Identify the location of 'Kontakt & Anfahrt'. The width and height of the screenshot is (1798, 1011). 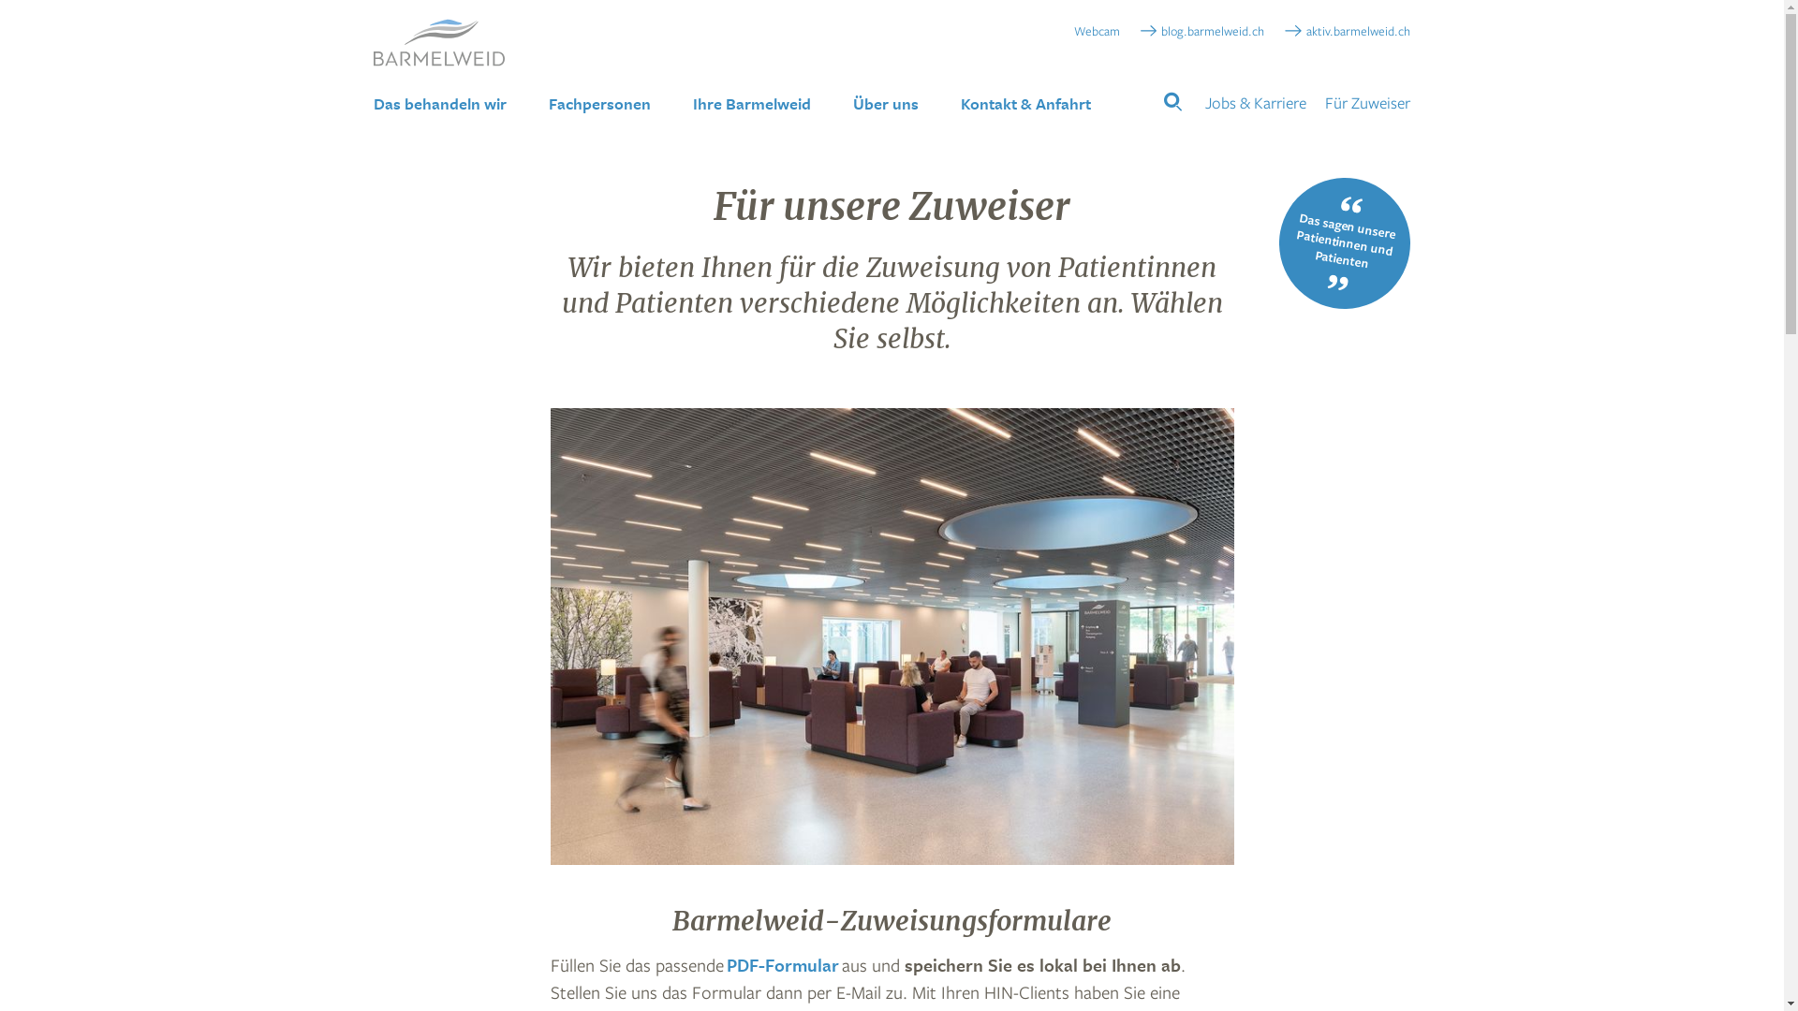
(1024, 104).